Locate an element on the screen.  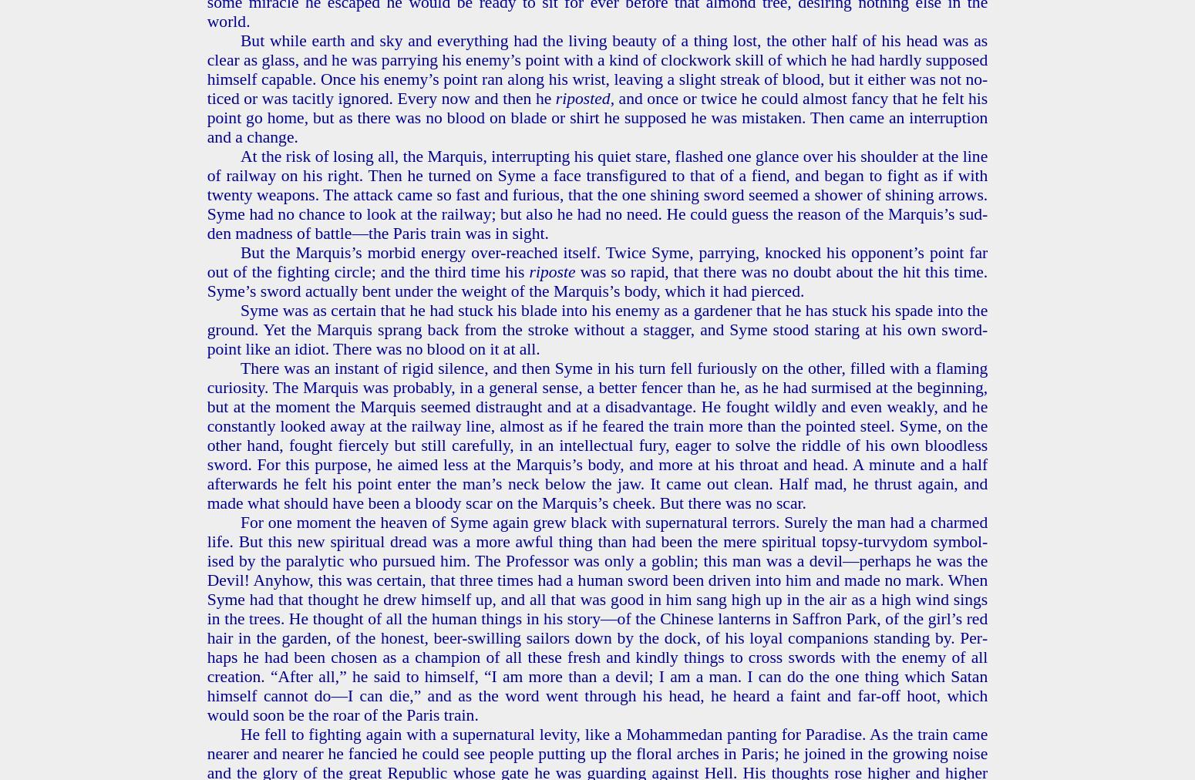
'ri­post­ed' is located at coordinates (582, 97).